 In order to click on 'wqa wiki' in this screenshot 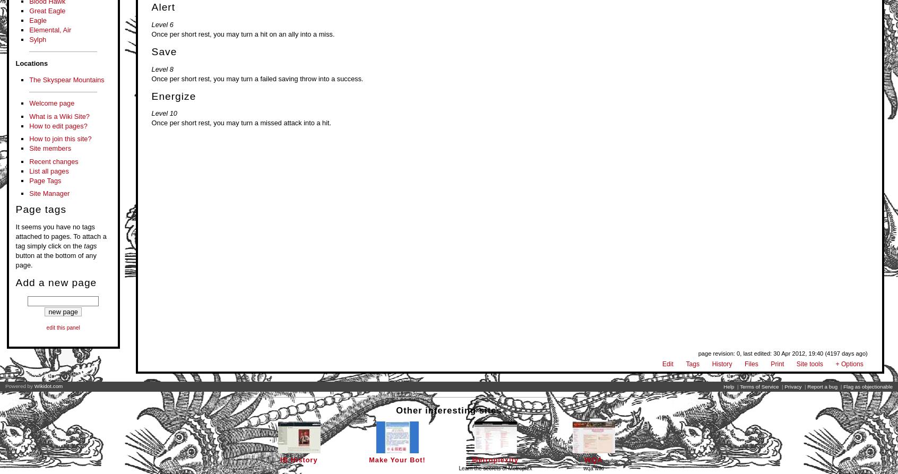, I will do `click(583, 468)`.